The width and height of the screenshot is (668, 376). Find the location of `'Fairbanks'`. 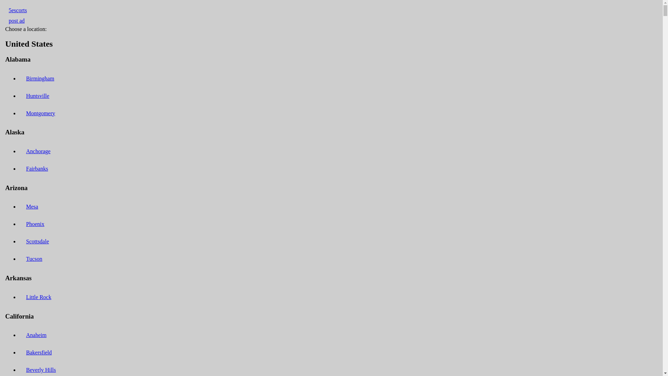

'Fairbanks' is located at coordinates (37, 169).